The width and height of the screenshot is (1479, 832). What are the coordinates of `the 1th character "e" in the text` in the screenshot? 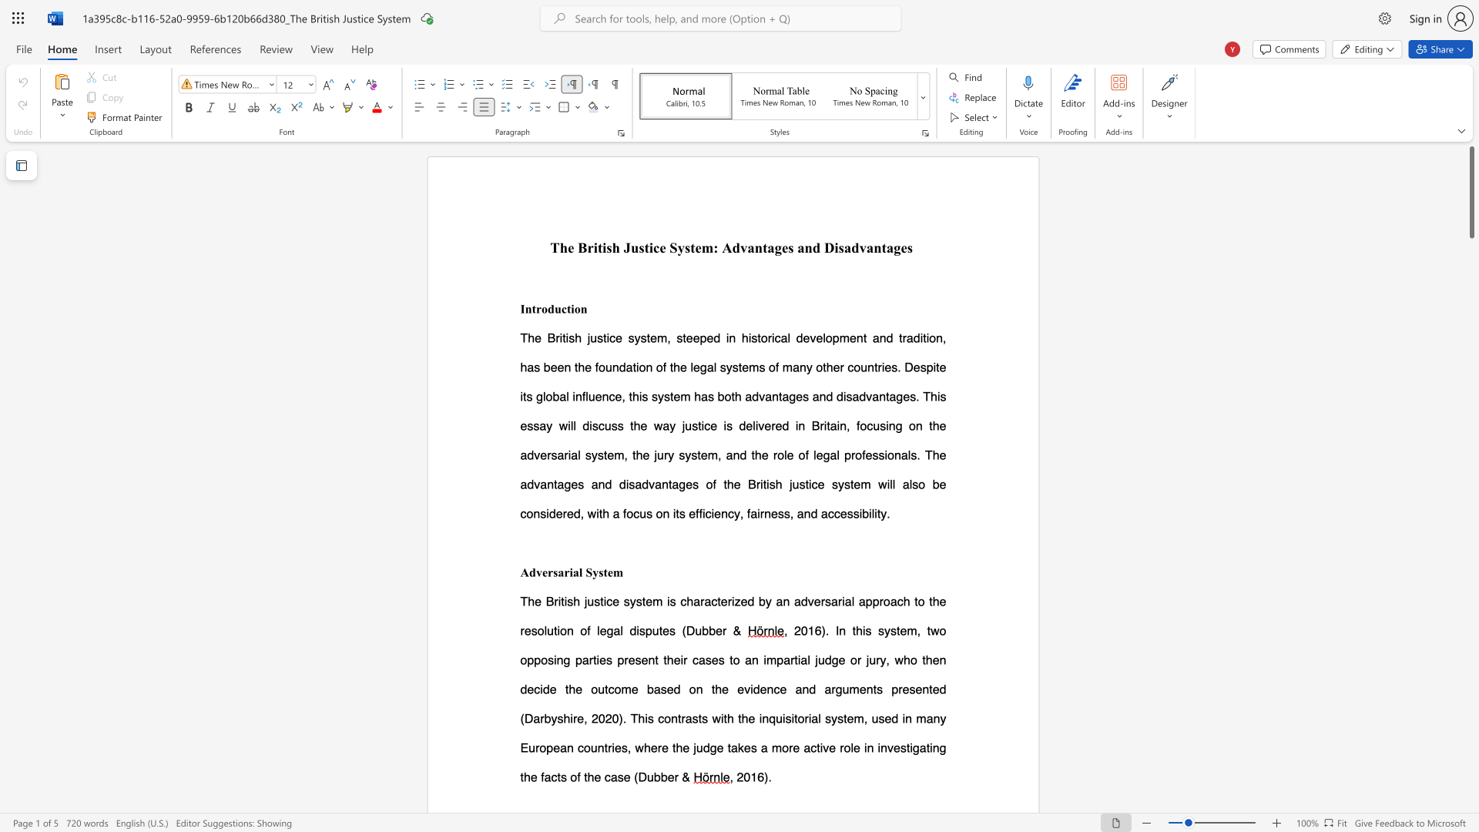 It's located at (570, 247).